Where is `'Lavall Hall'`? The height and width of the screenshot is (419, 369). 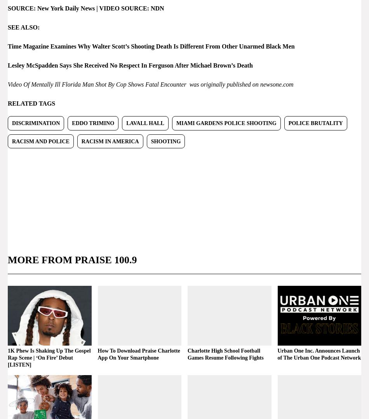 'Lavall Hall' is located at coordinates (144, 122).